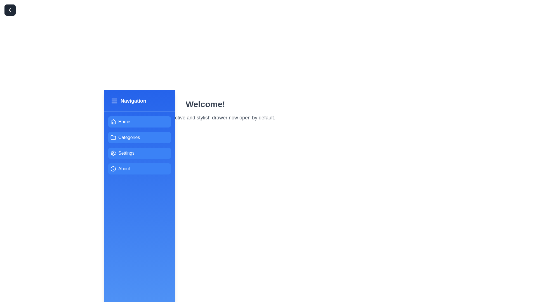 This screenshot has width=537, height=302. Describe the element at coordinates (113, 169) in the screenshot. I see `the circular graphical icon component located in the navigation sidebar under the 'About' section` at that location.